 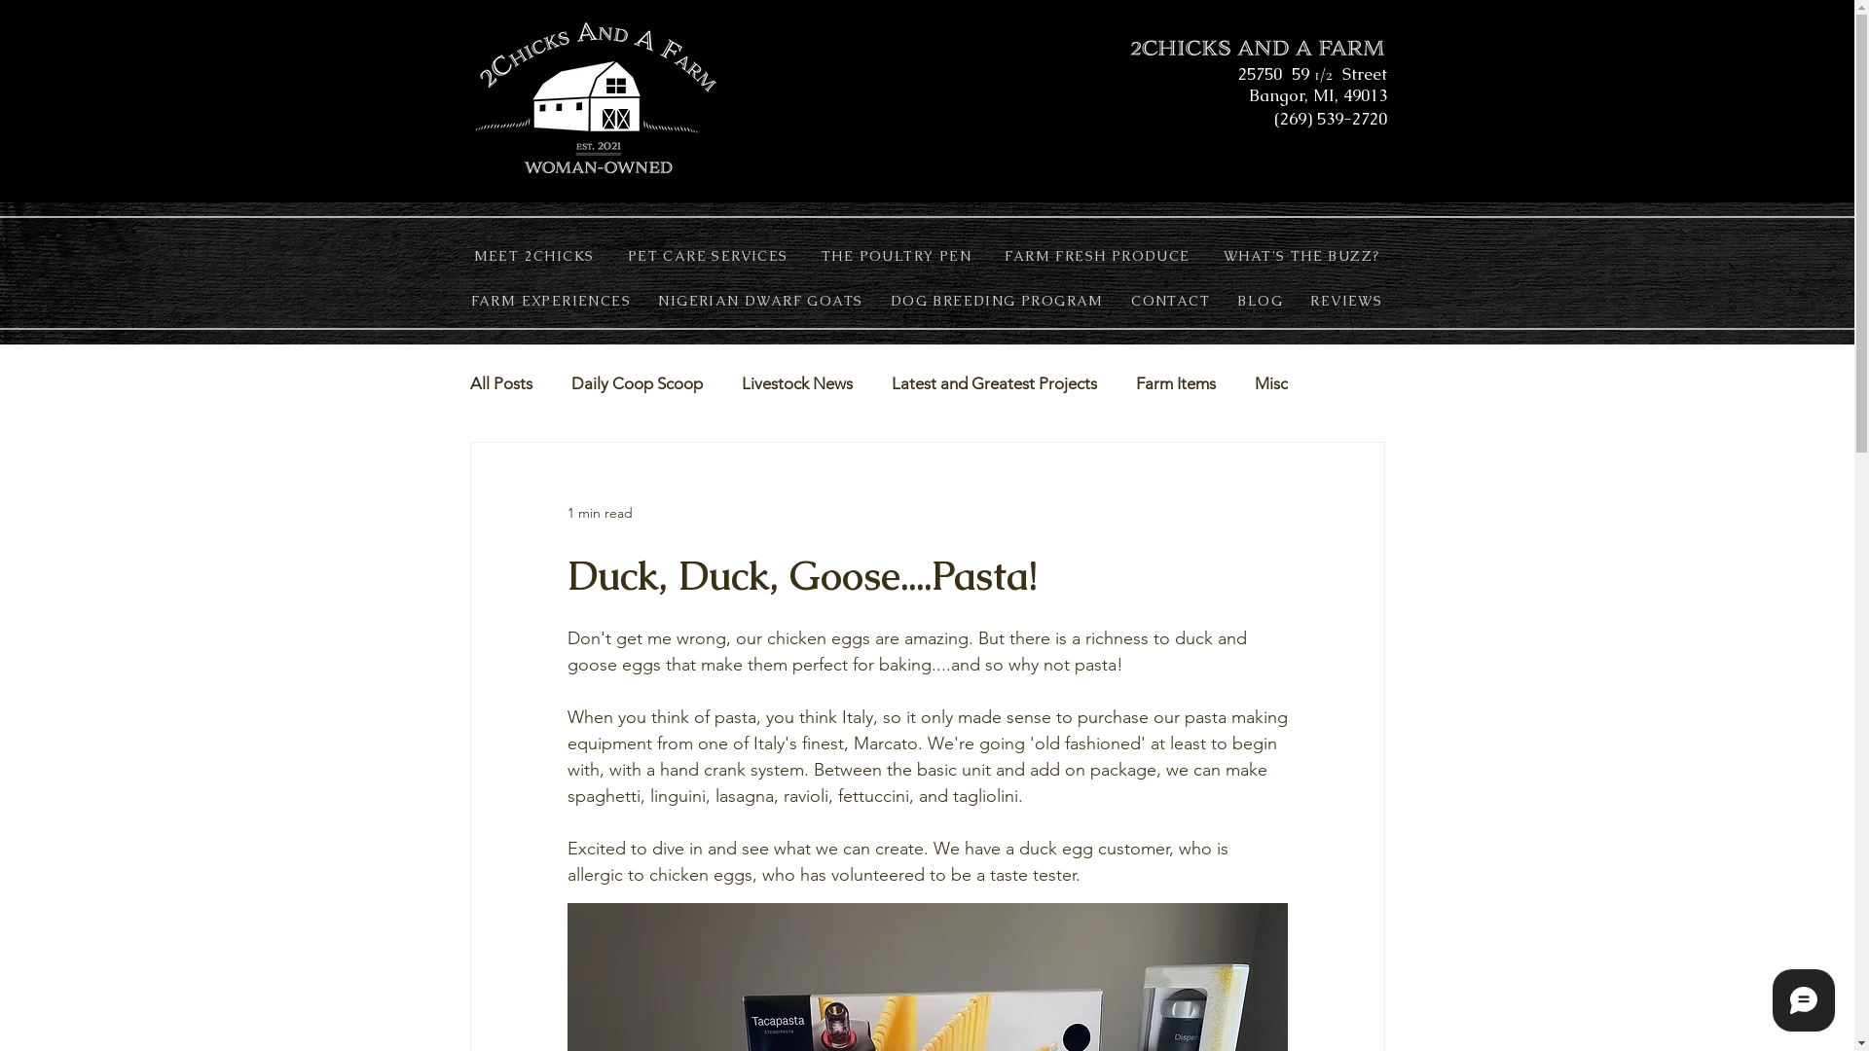 What do you see at coordinates (458, 300) in the screenshot?
I see `'FARM EXPERIENCES'` at bounding box center [458, 300].